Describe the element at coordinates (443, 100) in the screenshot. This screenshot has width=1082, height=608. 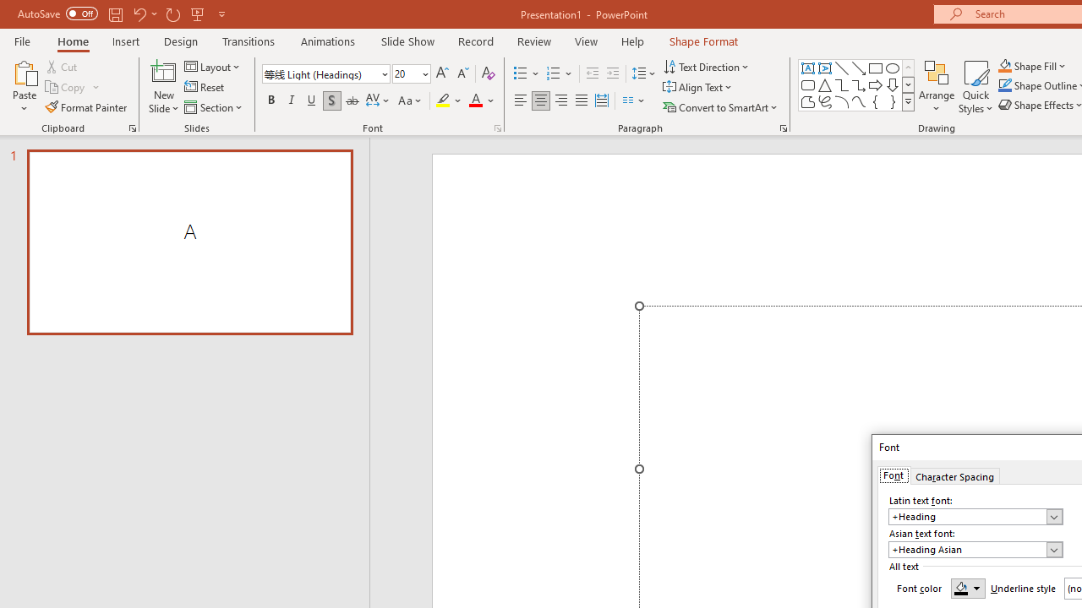
I see `'Text Highlight Color Yellow'` at that location.